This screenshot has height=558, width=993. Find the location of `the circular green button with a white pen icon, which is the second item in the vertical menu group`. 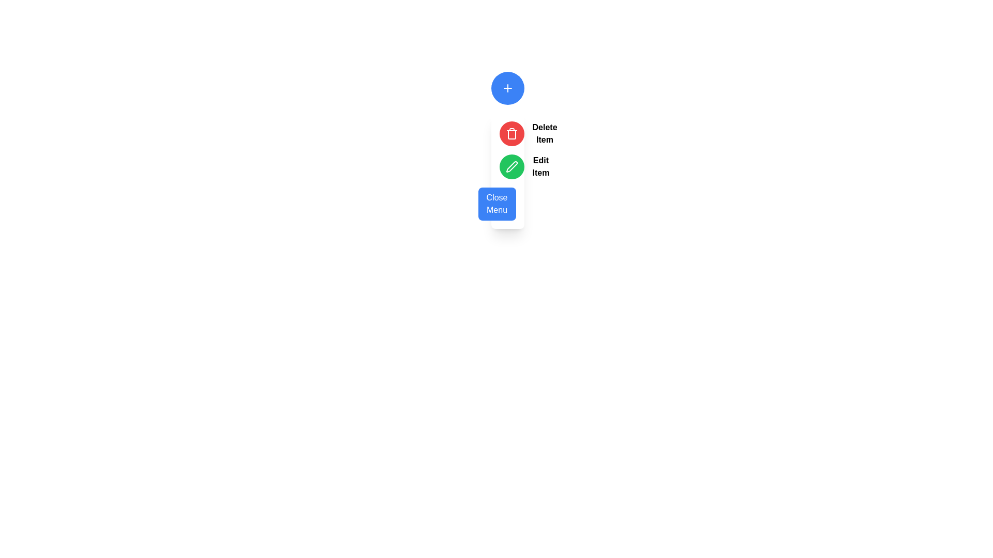

the circular green button with a white pen icon, which is the second item in the vertical menu group is located at coordinates (507, 166).